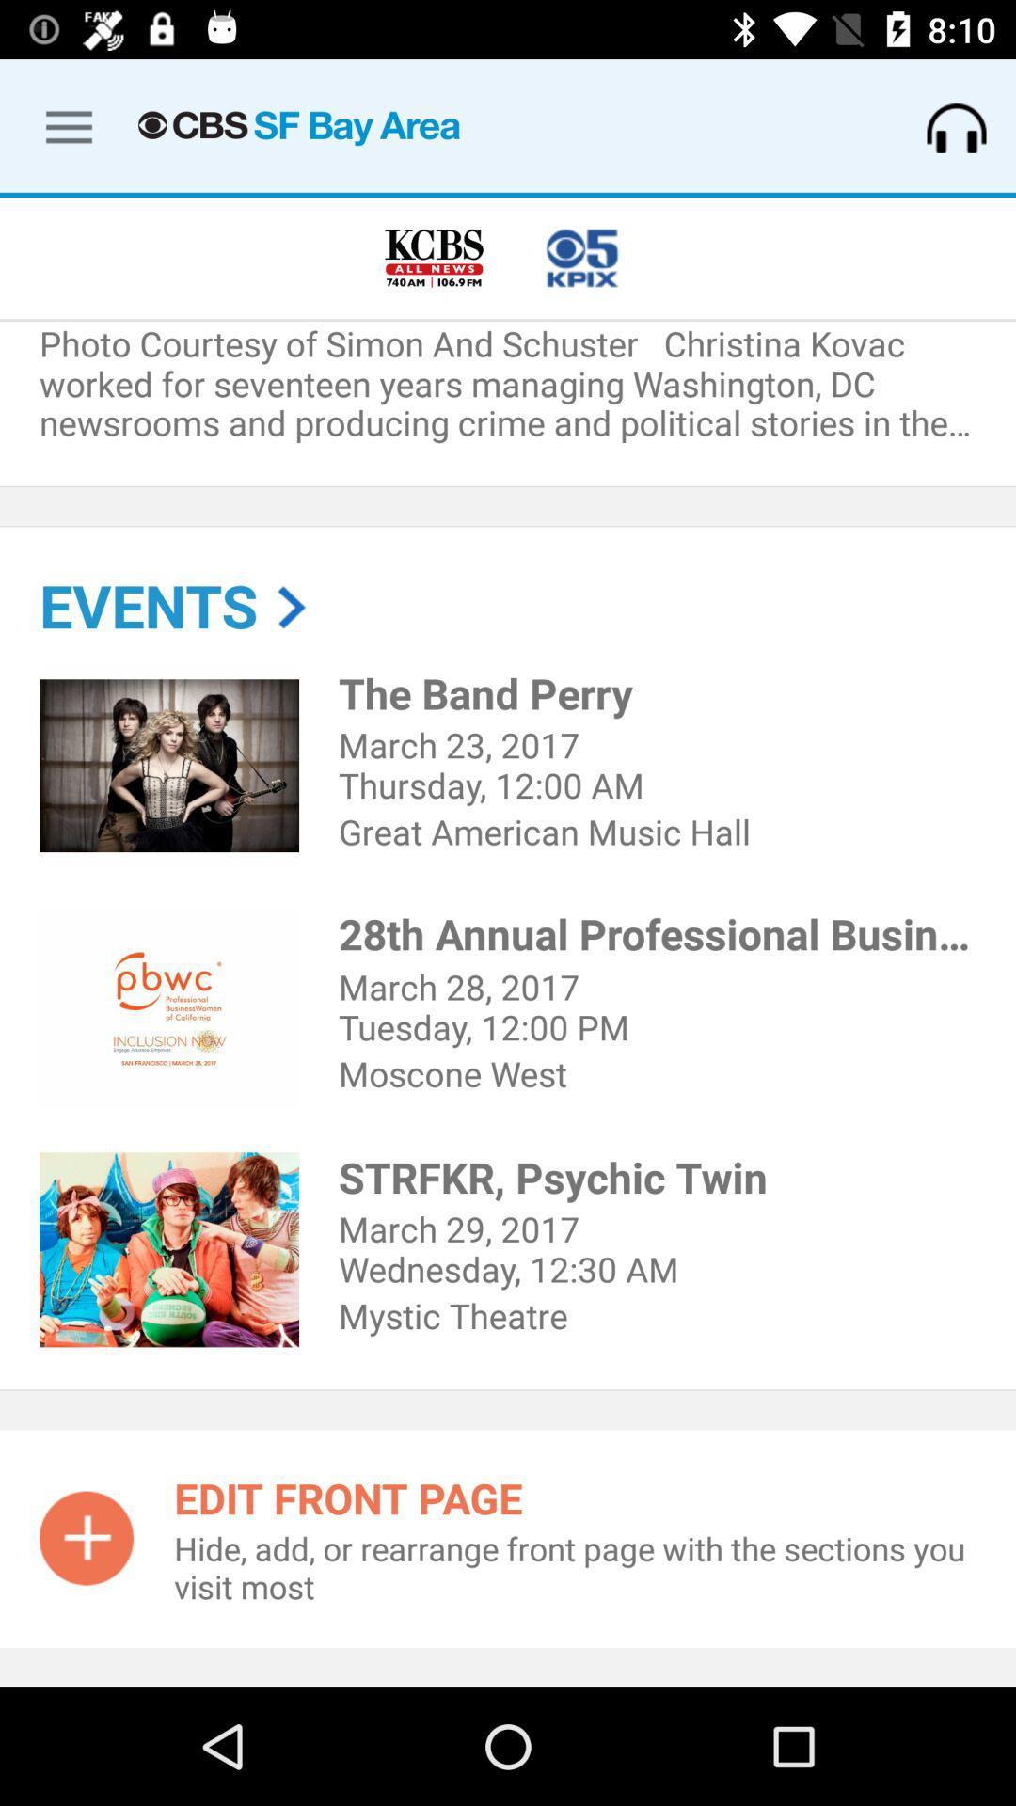 This screenshot has height=1806, width=1016. What do you see at coordinates (53, 121) in the screenshot?
I see `the menu icon` at bounding box center [53, 121].